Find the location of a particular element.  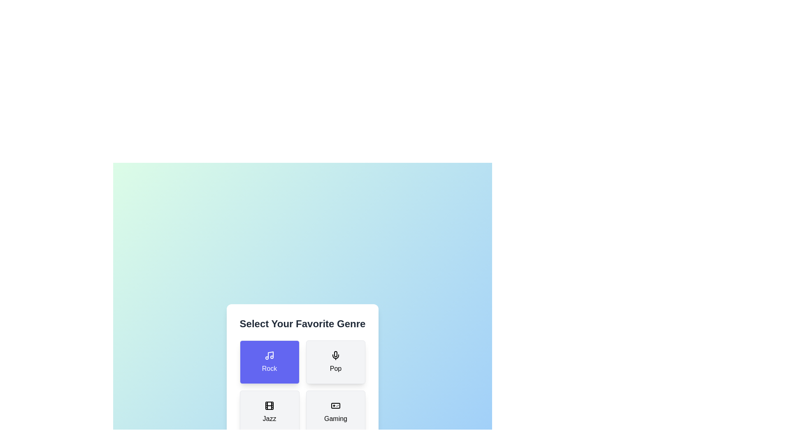

the button corresponding to the pop genre is located at coordinates (336, 362).